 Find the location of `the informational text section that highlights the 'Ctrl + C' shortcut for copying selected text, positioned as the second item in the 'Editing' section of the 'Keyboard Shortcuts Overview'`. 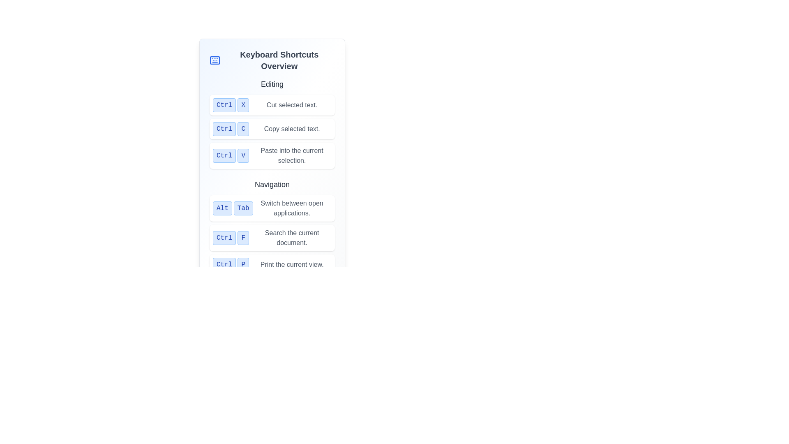

the informational text section that highlights the 'Ctrl + C' shortcut for copying selected text, positioned as the second item in the 'Editing' section of the 'Keyboard Shortcuts Overview' is located at coordinates (272, 123).